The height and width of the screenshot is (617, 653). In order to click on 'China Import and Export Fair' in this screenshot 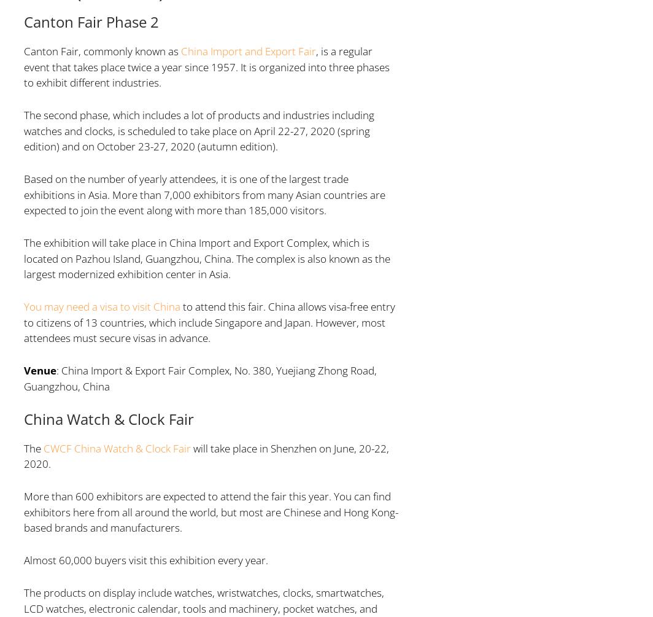, I will do `click(248, 51)`.